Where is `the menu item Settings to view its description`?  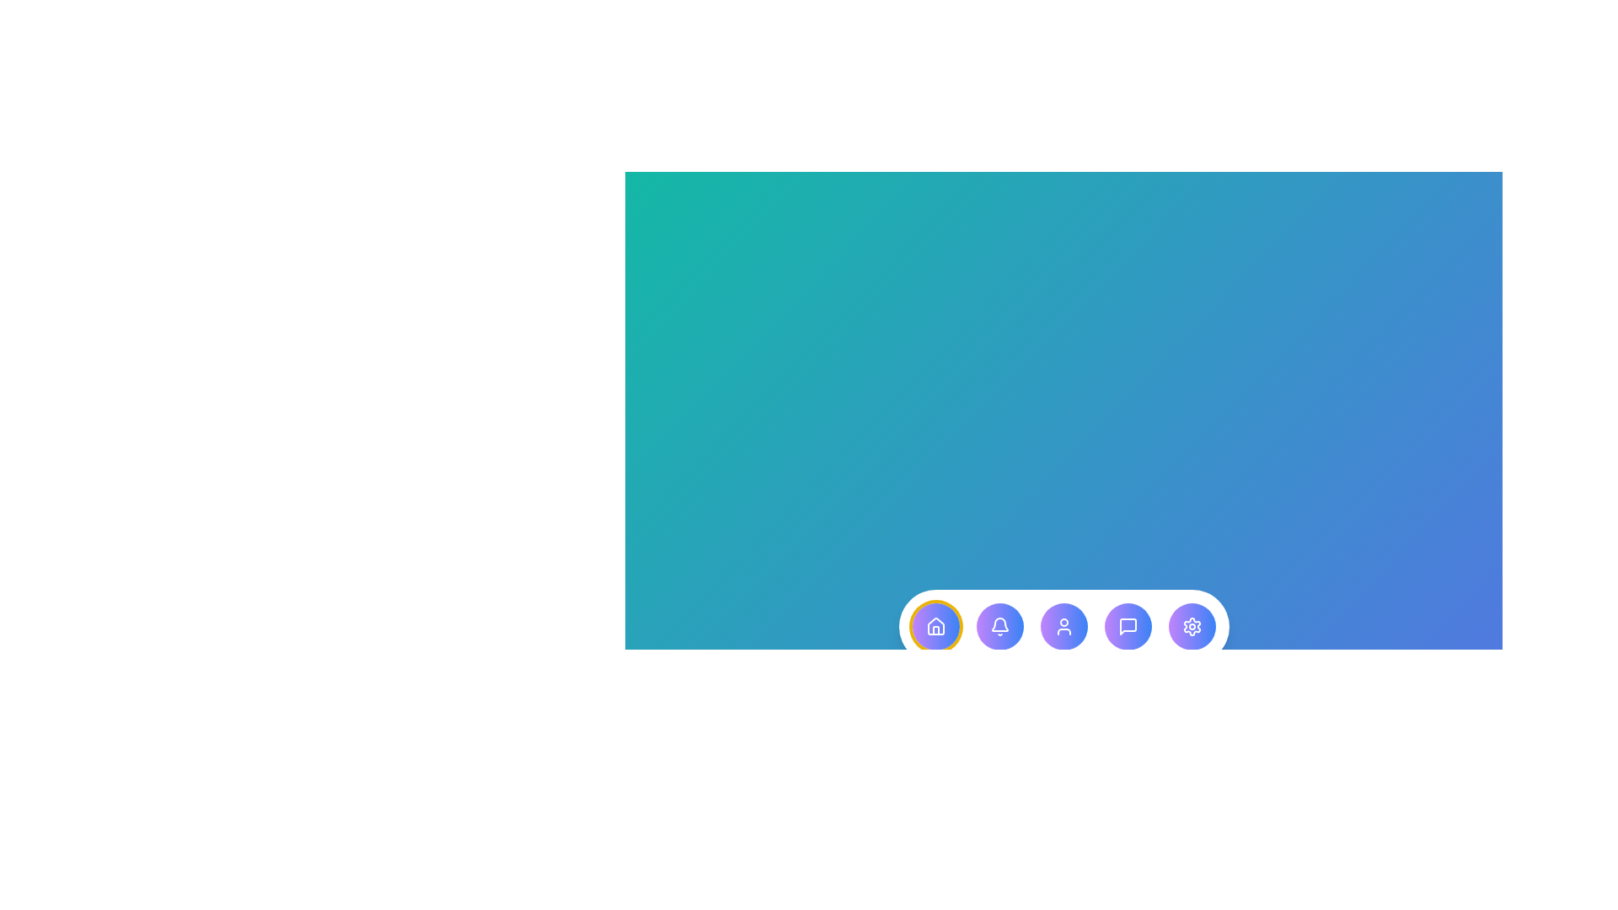 the menu item Settings to view its description is located at coordinates (1191, 627).